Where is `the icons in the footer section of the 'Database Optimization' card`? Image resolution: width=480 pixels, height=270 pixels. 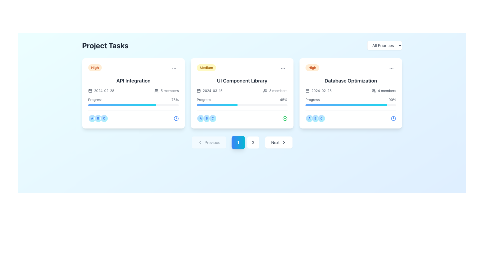
the icons in the footer section of the 'Database Optimization' card is located at coordinates (350, 116).